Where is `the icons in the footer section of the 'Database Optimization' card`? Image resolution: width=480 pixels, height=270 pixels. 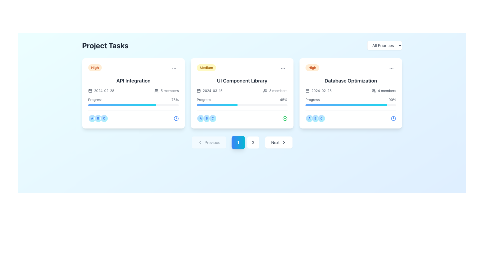
the icons in the footer section of the 'Database Optimization' card is located at coordinates (350, 116).